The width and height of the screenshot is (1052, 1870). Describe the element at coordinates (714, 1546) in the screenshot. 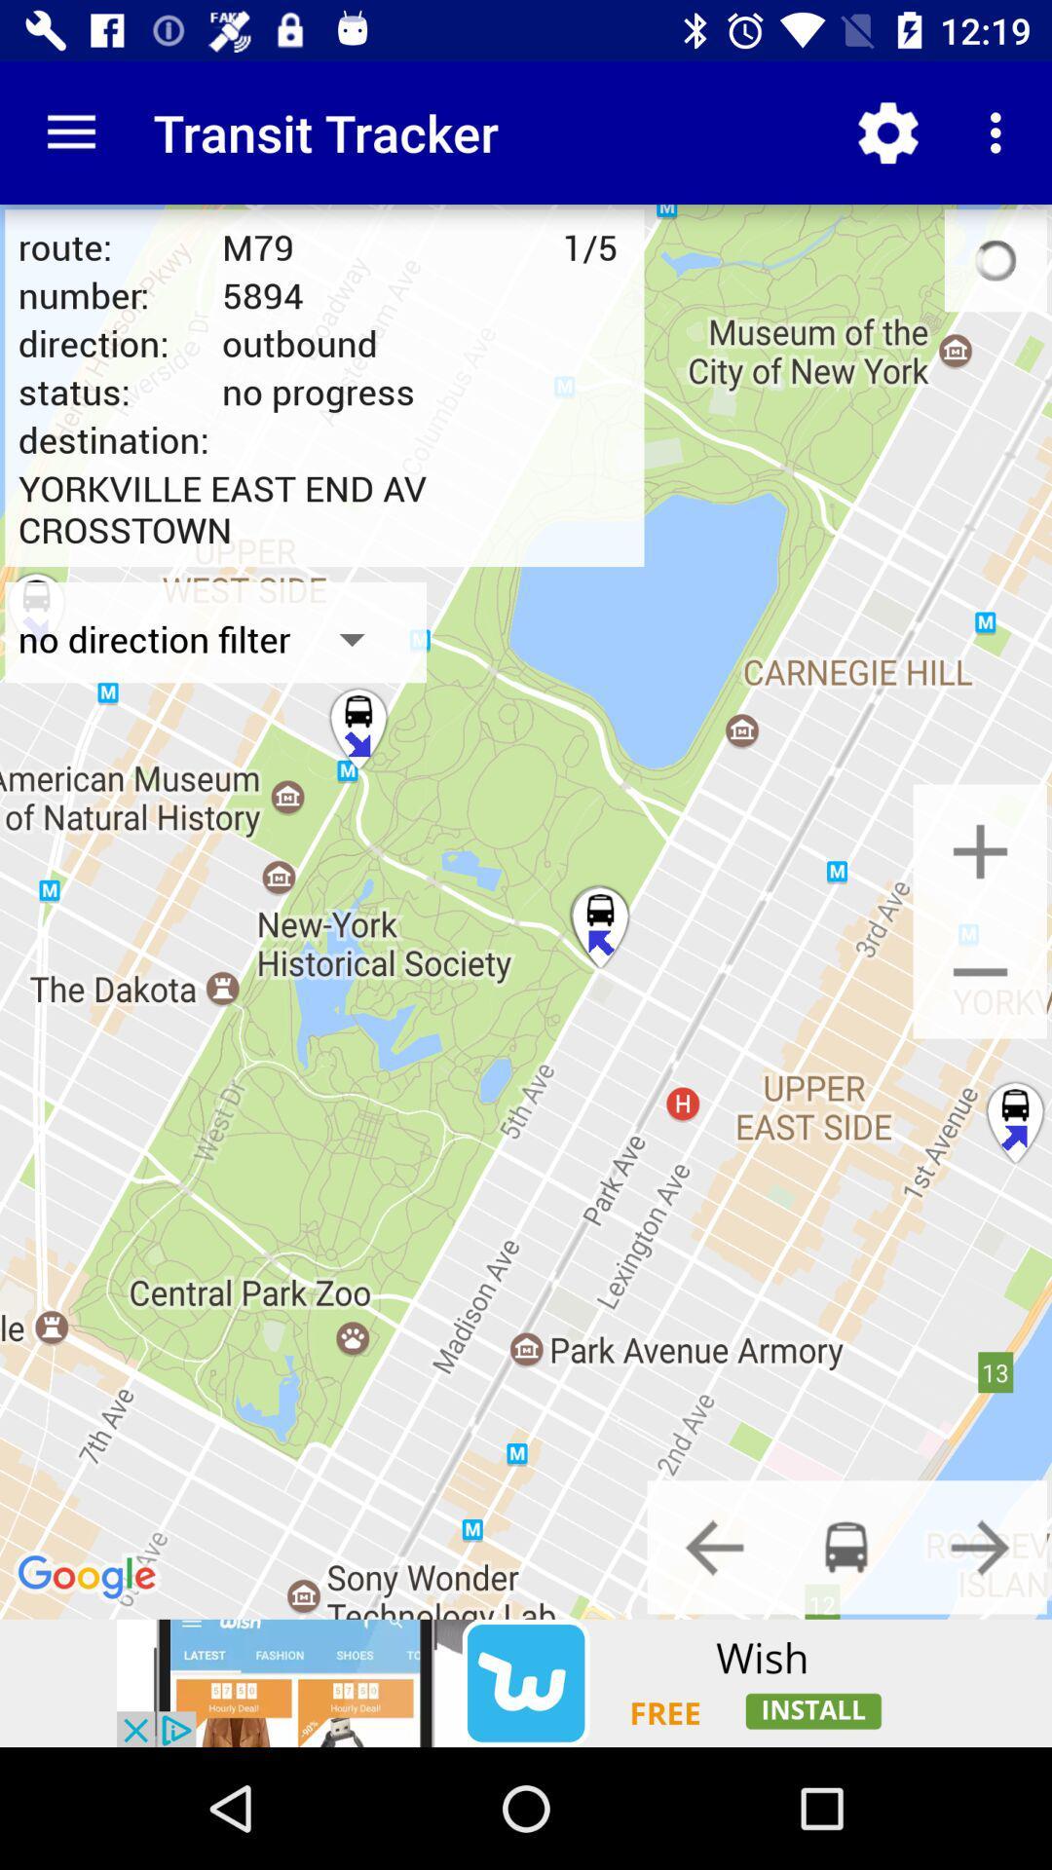

I see `the arrow_backward icon` at that location.